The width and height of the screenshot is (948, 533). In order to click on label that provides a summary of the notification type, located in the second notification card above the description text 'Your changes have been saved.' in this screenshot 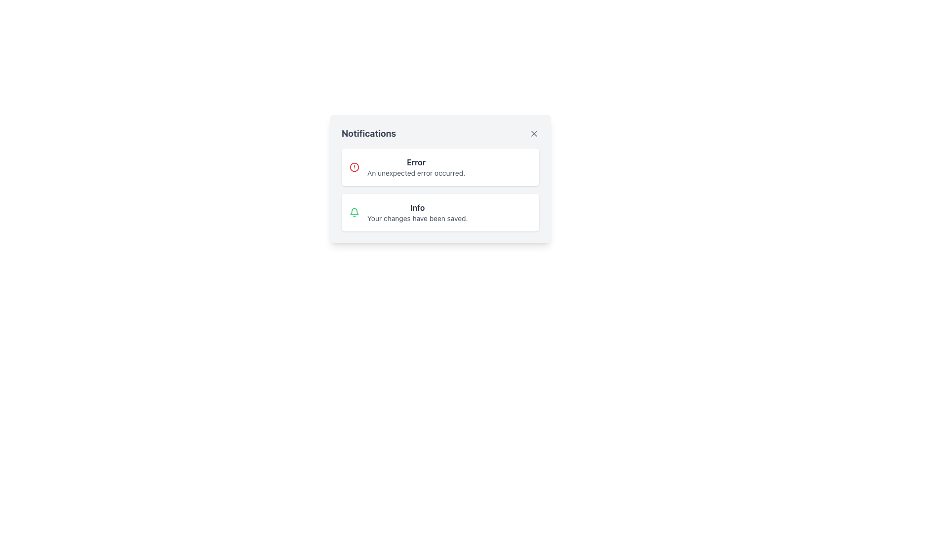, I will do `click(417, 207)`.